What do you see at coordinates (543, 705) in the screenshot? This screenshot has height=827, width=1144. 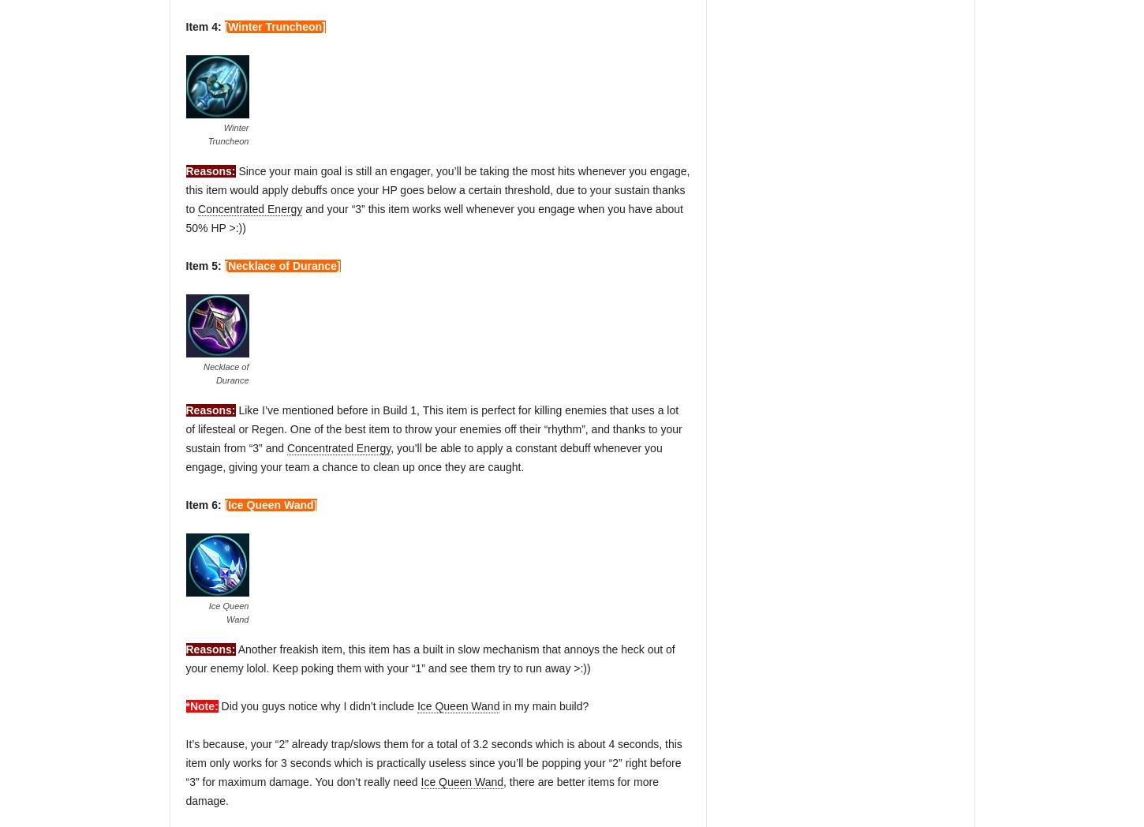 I see `'in my main build?'` at bounding box center [543, 705].